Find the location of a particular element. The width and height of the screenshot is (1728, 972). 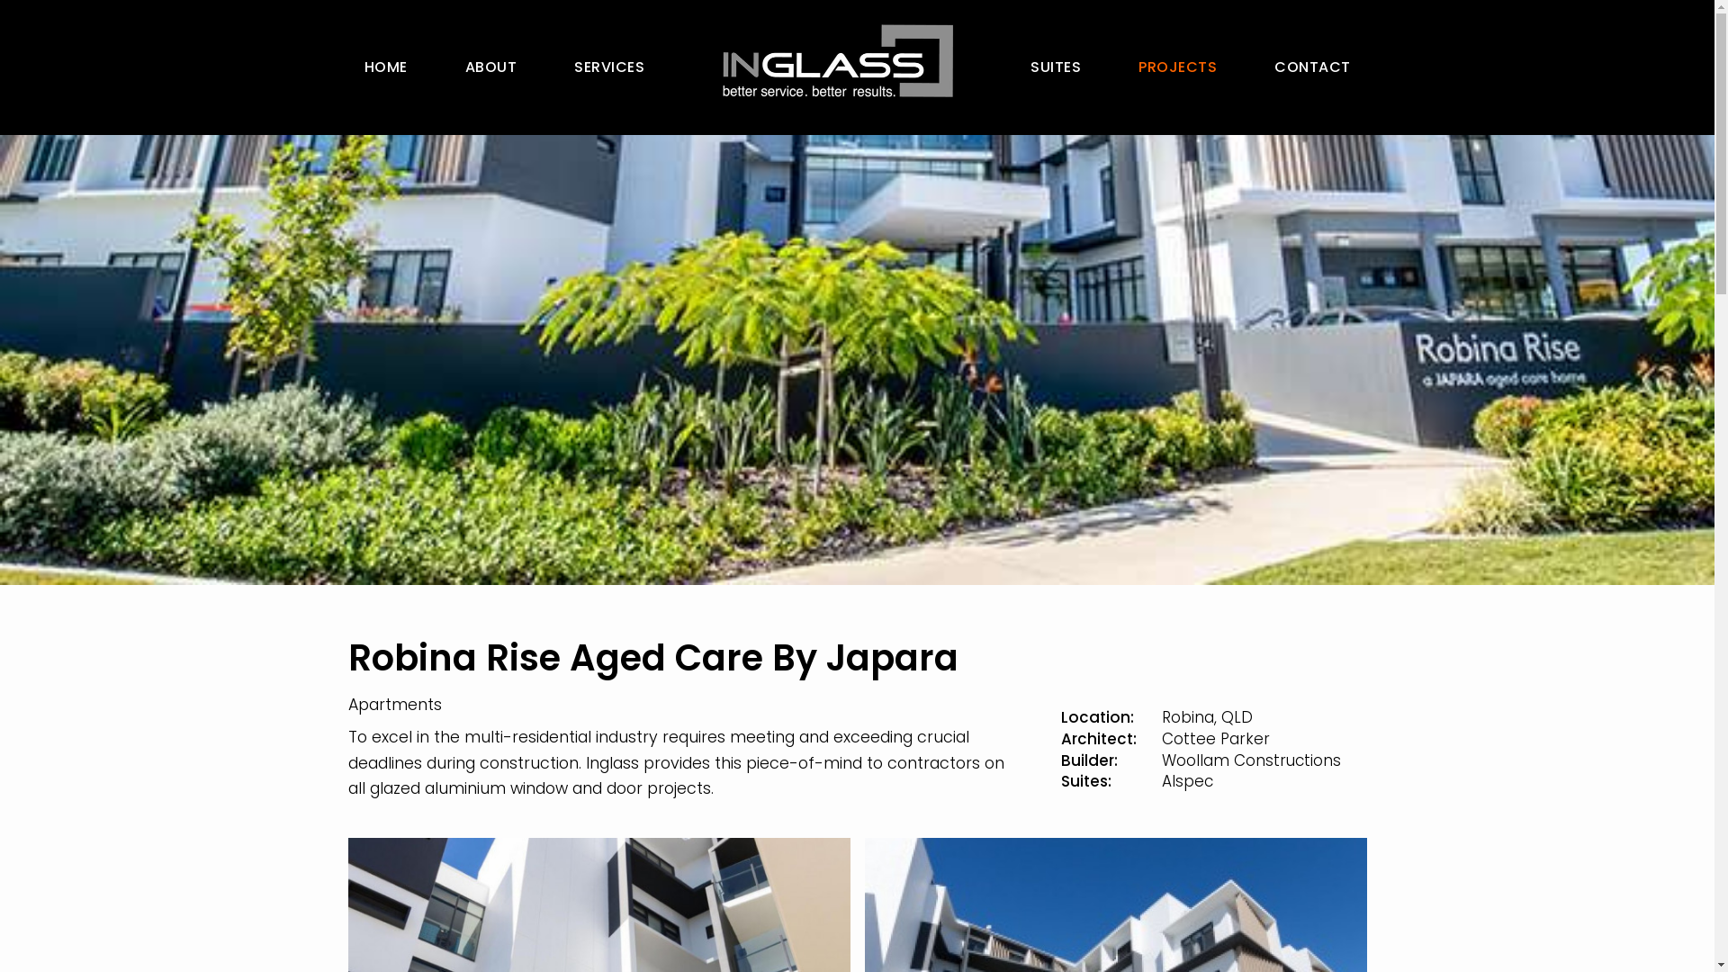

'ABOUT' is located at coordinates (490, 66).